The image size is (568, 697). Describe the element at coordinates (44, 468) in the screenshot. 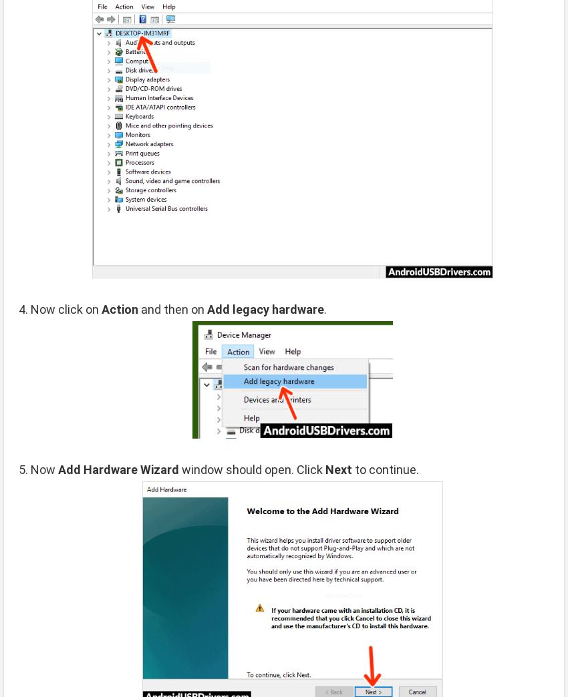

I see `'Now'` at that location.